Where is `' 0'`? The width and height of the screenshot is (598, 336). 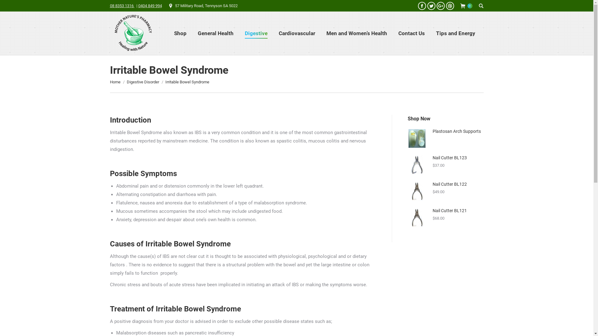 ' 0' is located at coordinates (466, 6).